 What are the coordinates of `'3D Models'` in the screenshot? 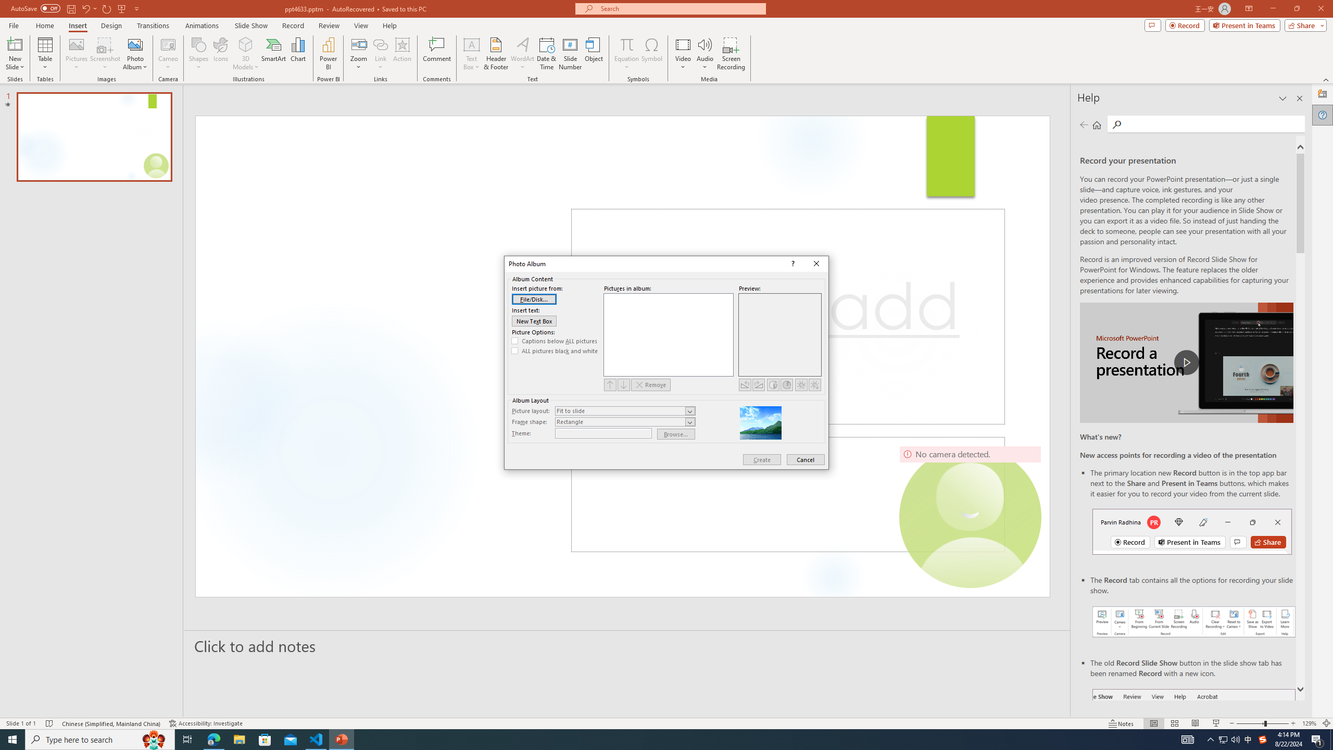 It's located at (246, 44).